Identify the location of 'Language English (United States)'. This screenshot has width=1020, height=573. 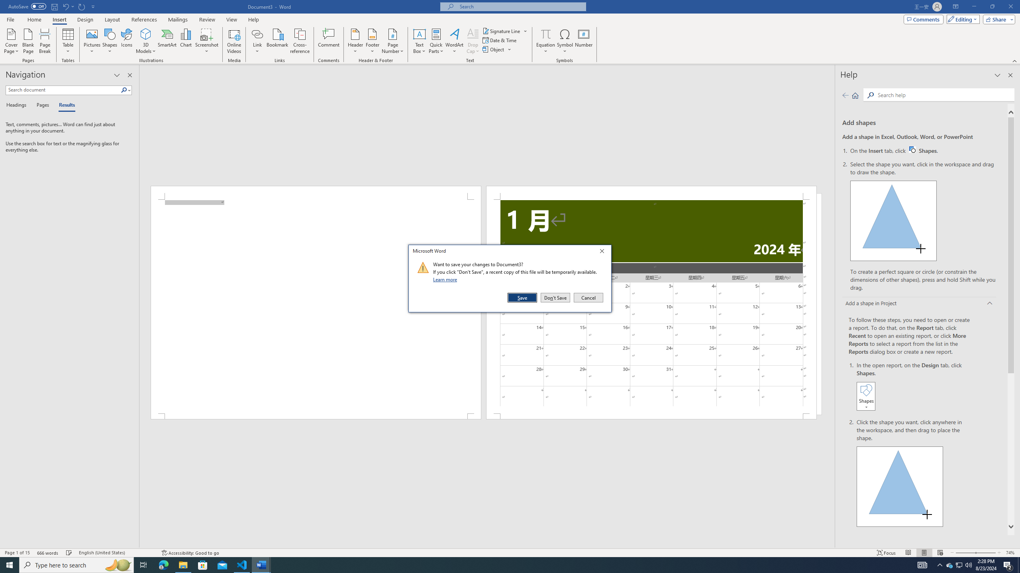
(116, 553).